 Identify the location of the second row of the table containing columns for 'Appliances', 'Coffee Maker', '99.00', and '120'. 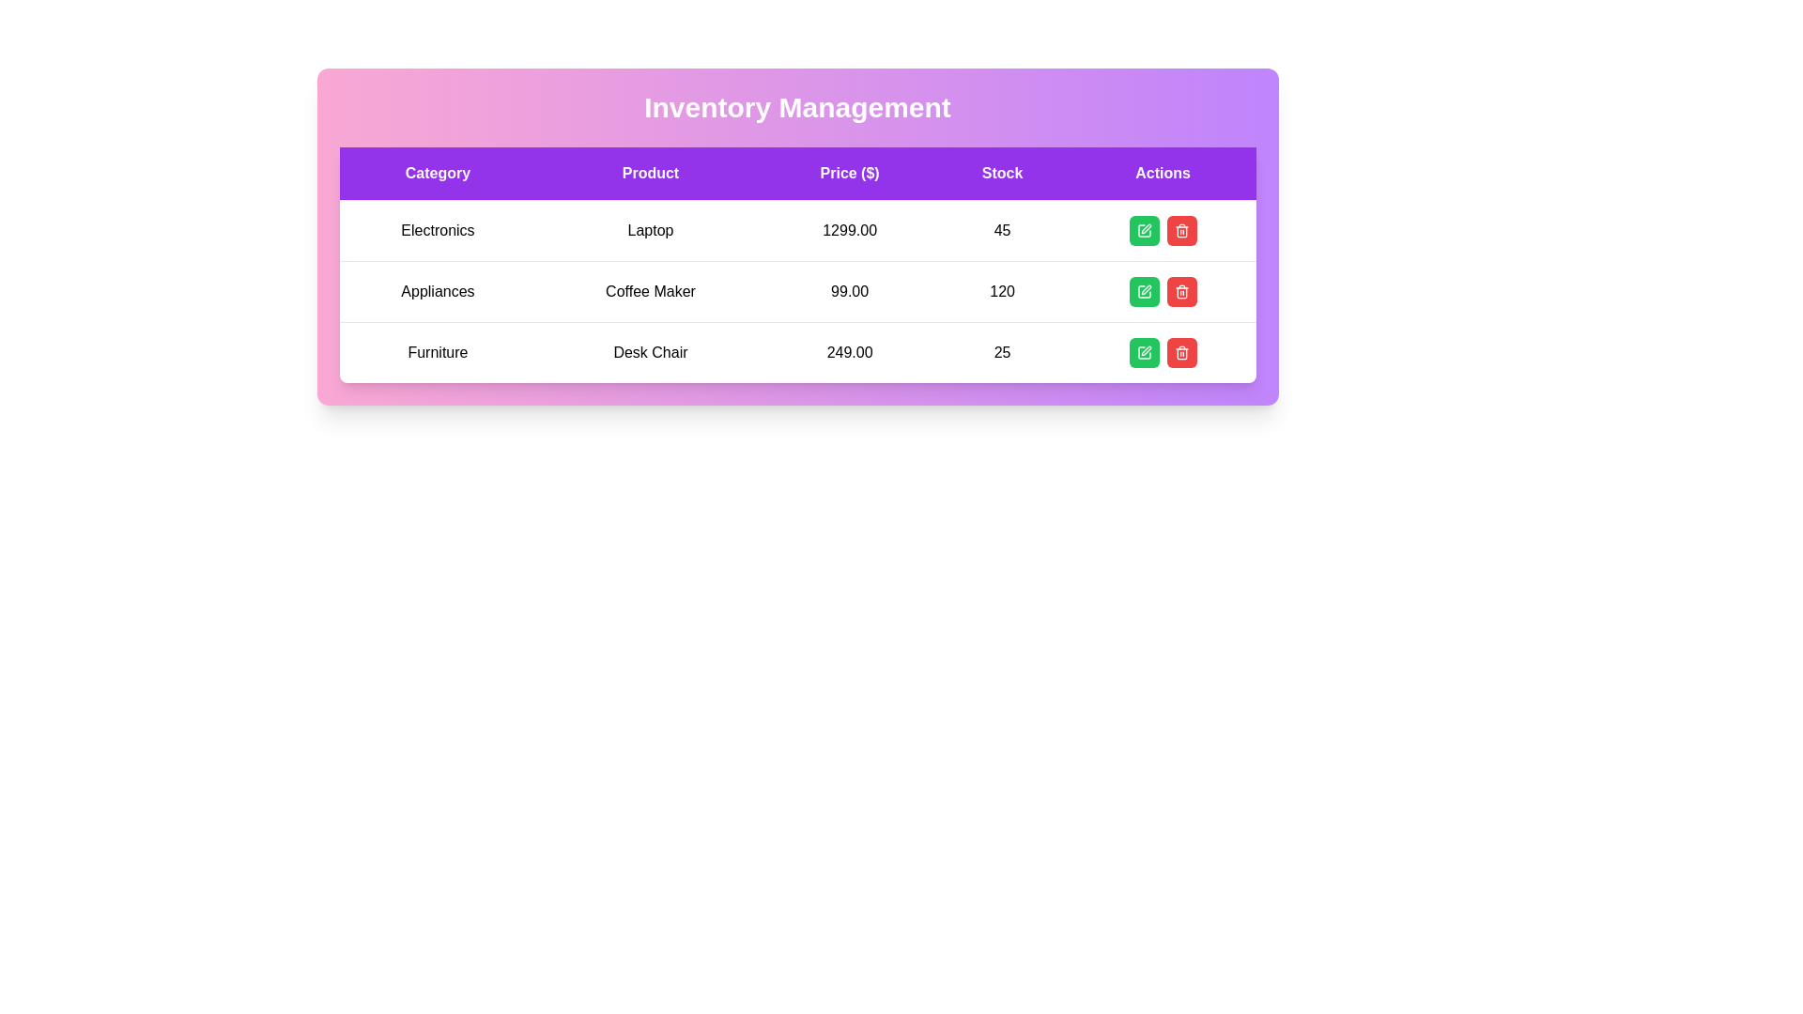
(797, 292).